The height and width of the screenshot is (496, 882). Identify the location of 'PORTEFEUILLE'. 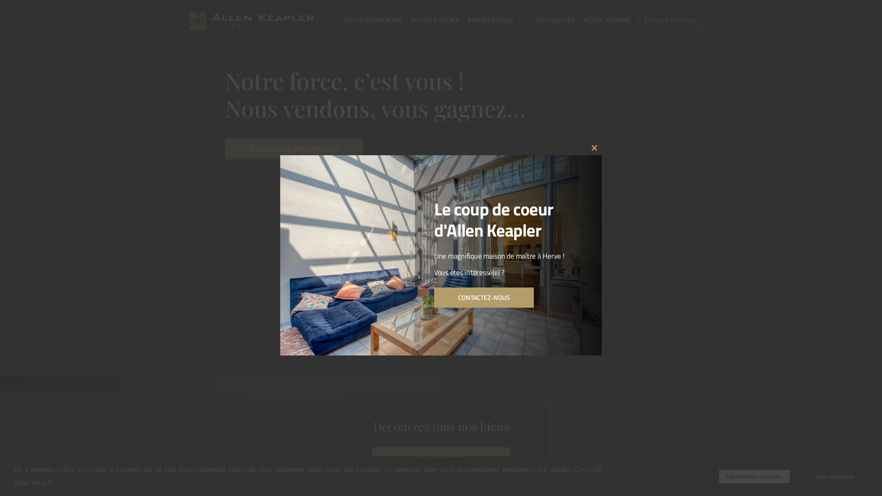
(497, 20).